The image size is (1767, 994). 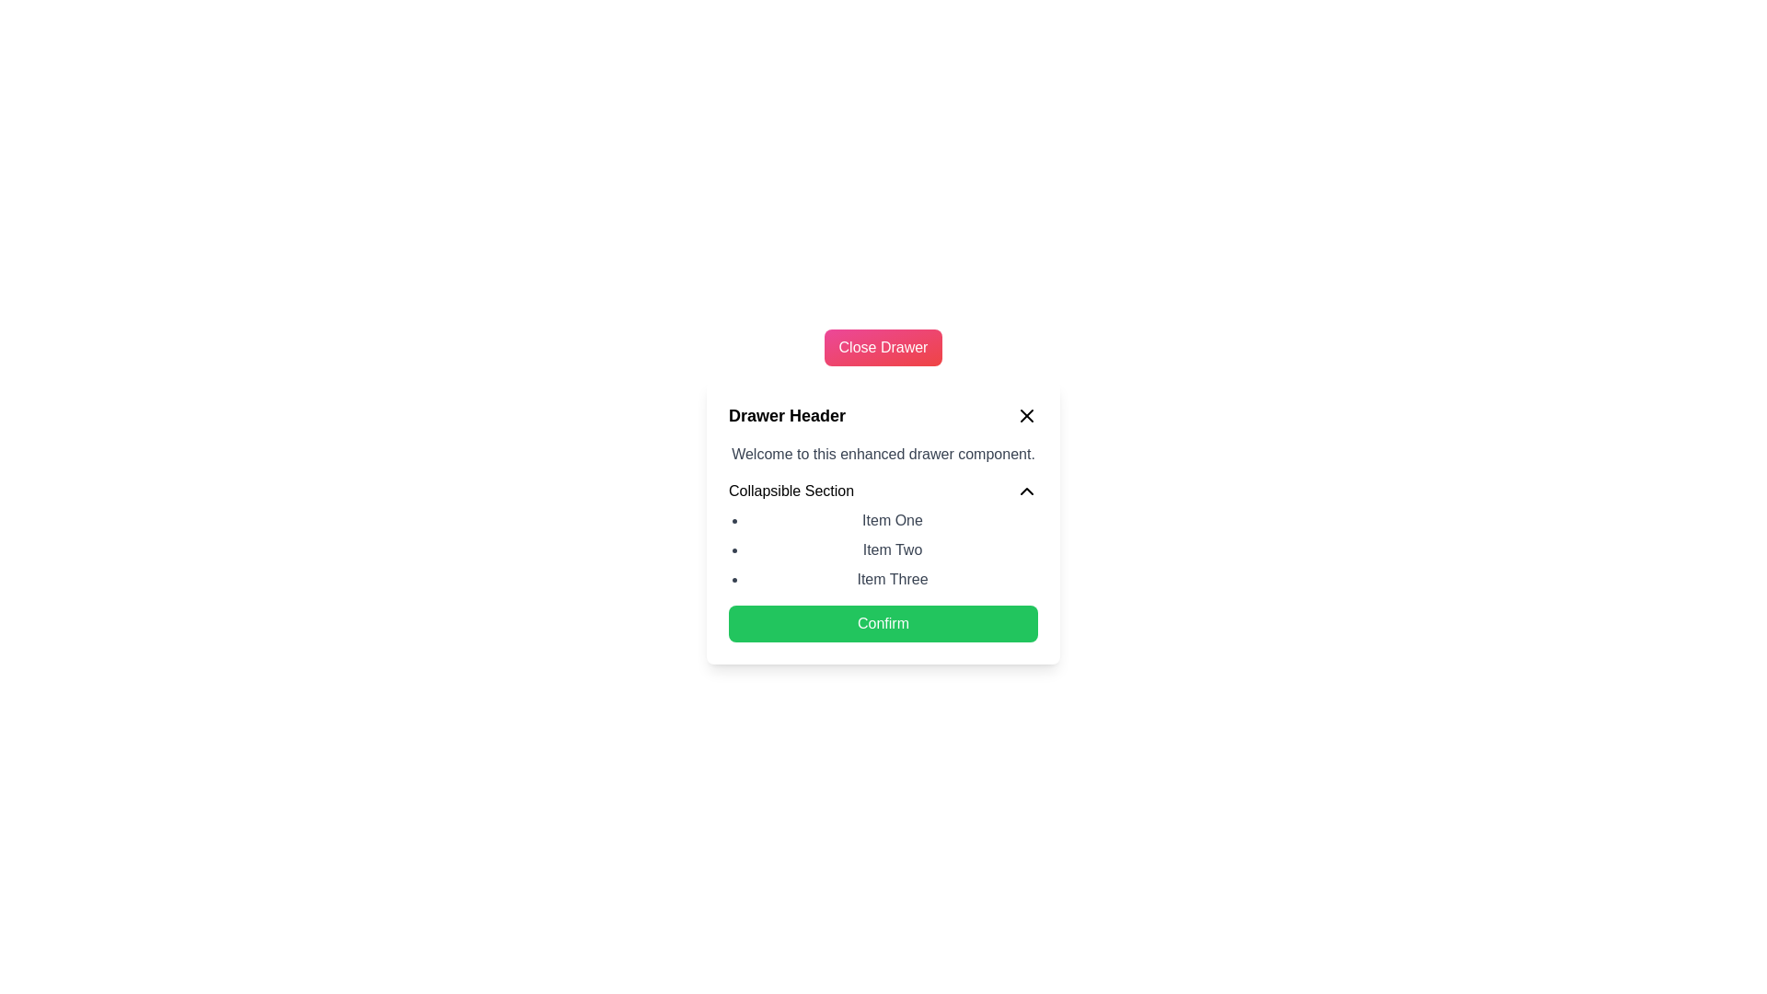 I want to click on the up-chevron toggle icon located to the right of the 'Collapsible Section' text, so click(x=1026, y=490).